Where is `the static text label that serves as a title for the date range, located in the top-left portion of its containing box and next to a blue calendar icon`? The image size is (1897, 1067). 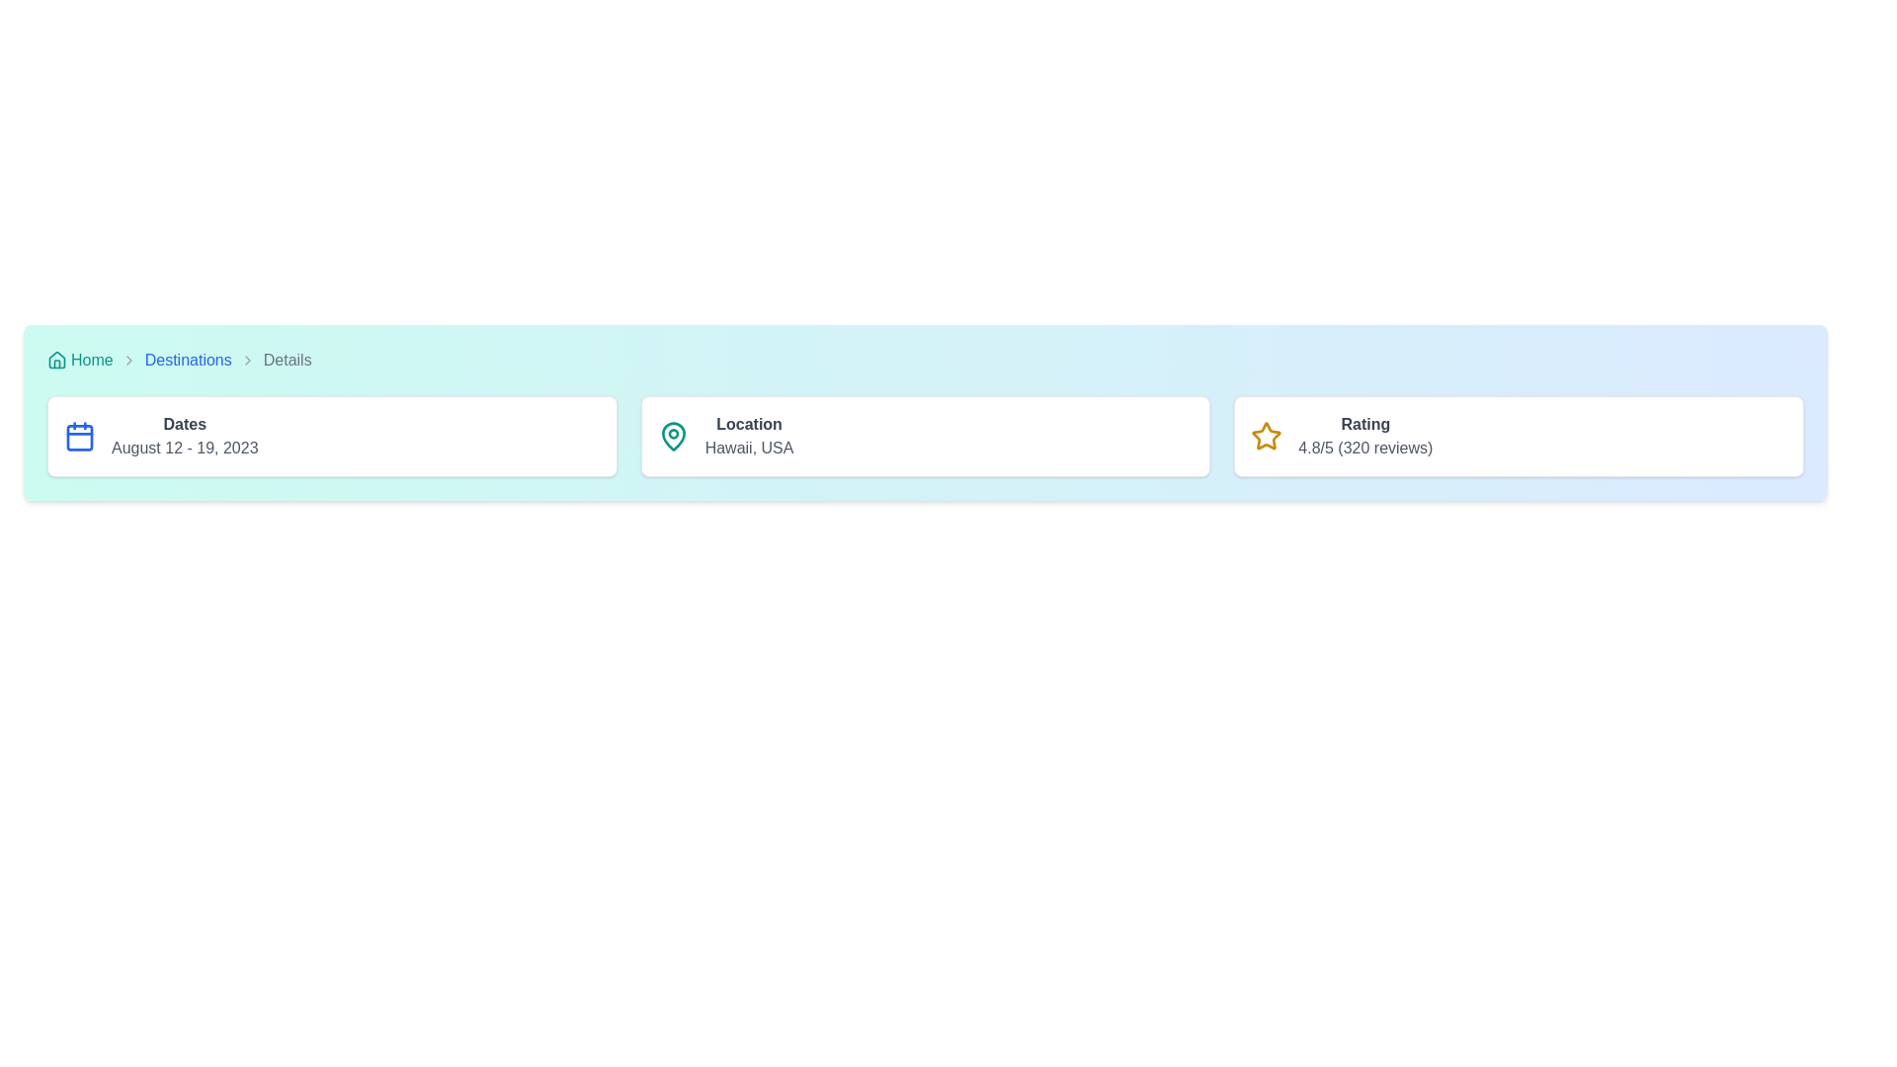
the static text label that serves as a title for the date range, located in the top-left portion of its containing box and next to a blue calendar icon is located at coordinates (185, 423).